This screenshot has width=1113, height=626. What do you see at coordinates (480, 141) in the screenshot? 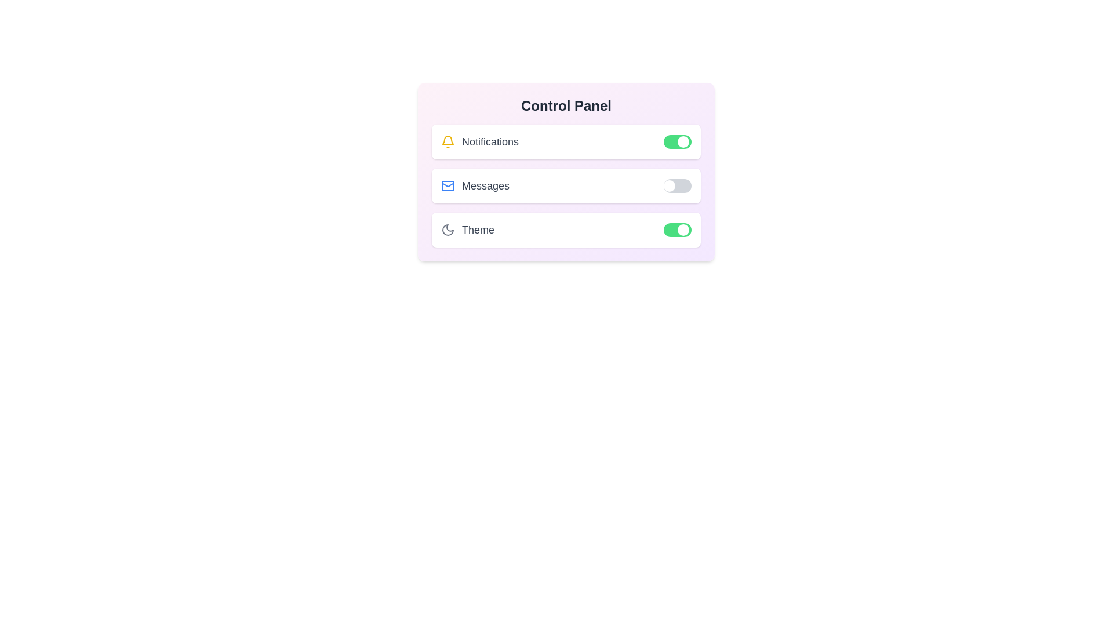
I see `the Composite label containing a yellow bell icon and the text 'Notifications', located inside the Control Panel box` at bounding box center [480, 141].